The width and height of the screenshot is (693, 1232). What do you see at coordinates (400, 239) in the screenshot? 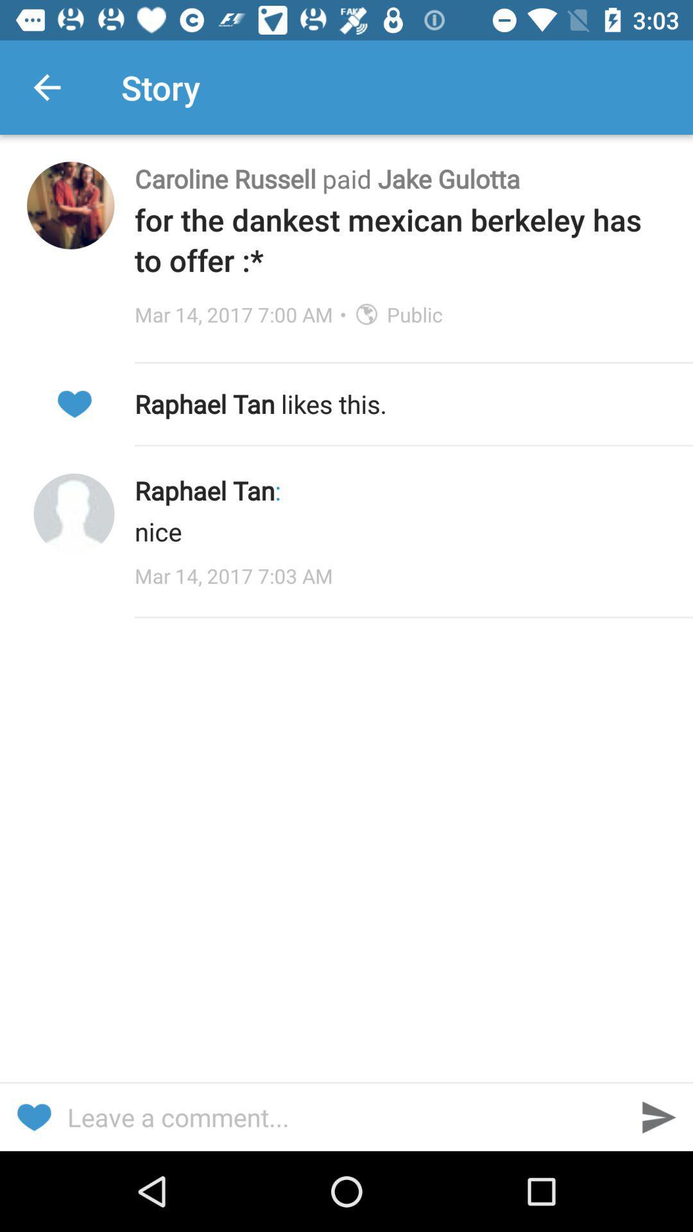
I see `the for the dankest` at bounding box center [400, 239].